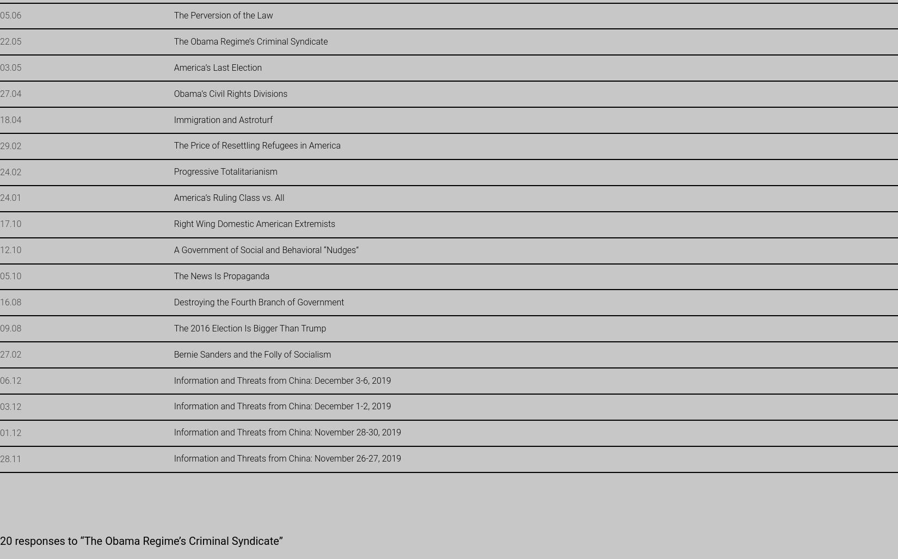 This screenshot has width=898, height=559. Describe the element at coordinates (10, 406) in the screenshot. I see `'03.12'` at that location.